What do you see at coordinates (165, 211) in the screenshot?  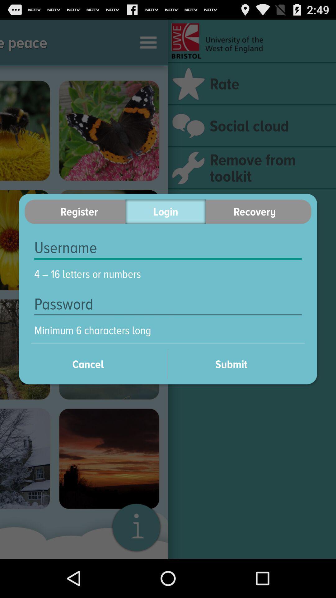 I see `item to the left of the recovery icon` at bounding box center [165, 211].